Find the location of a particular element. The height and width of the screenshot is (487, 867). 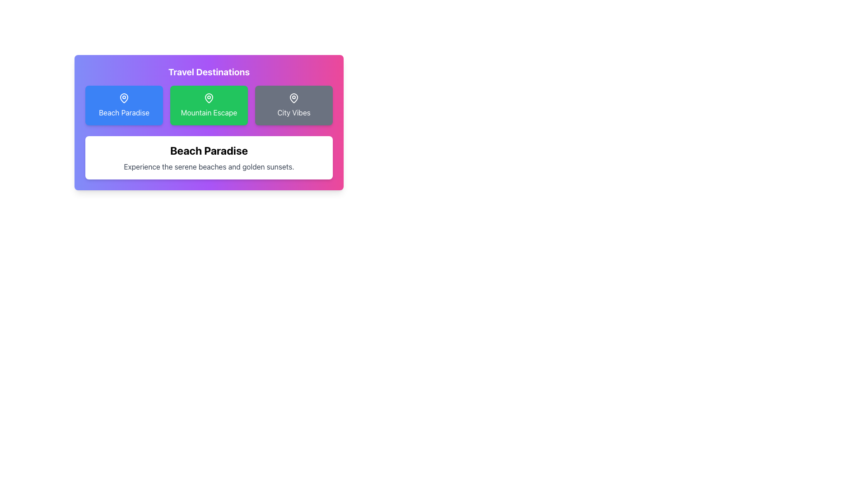

the pin icon representing the map marker located in the 'Beach Paradise' section of the 'Travel Destinations' panel, which is displayed in white color against a blue background is located at coordinates (123, 98).